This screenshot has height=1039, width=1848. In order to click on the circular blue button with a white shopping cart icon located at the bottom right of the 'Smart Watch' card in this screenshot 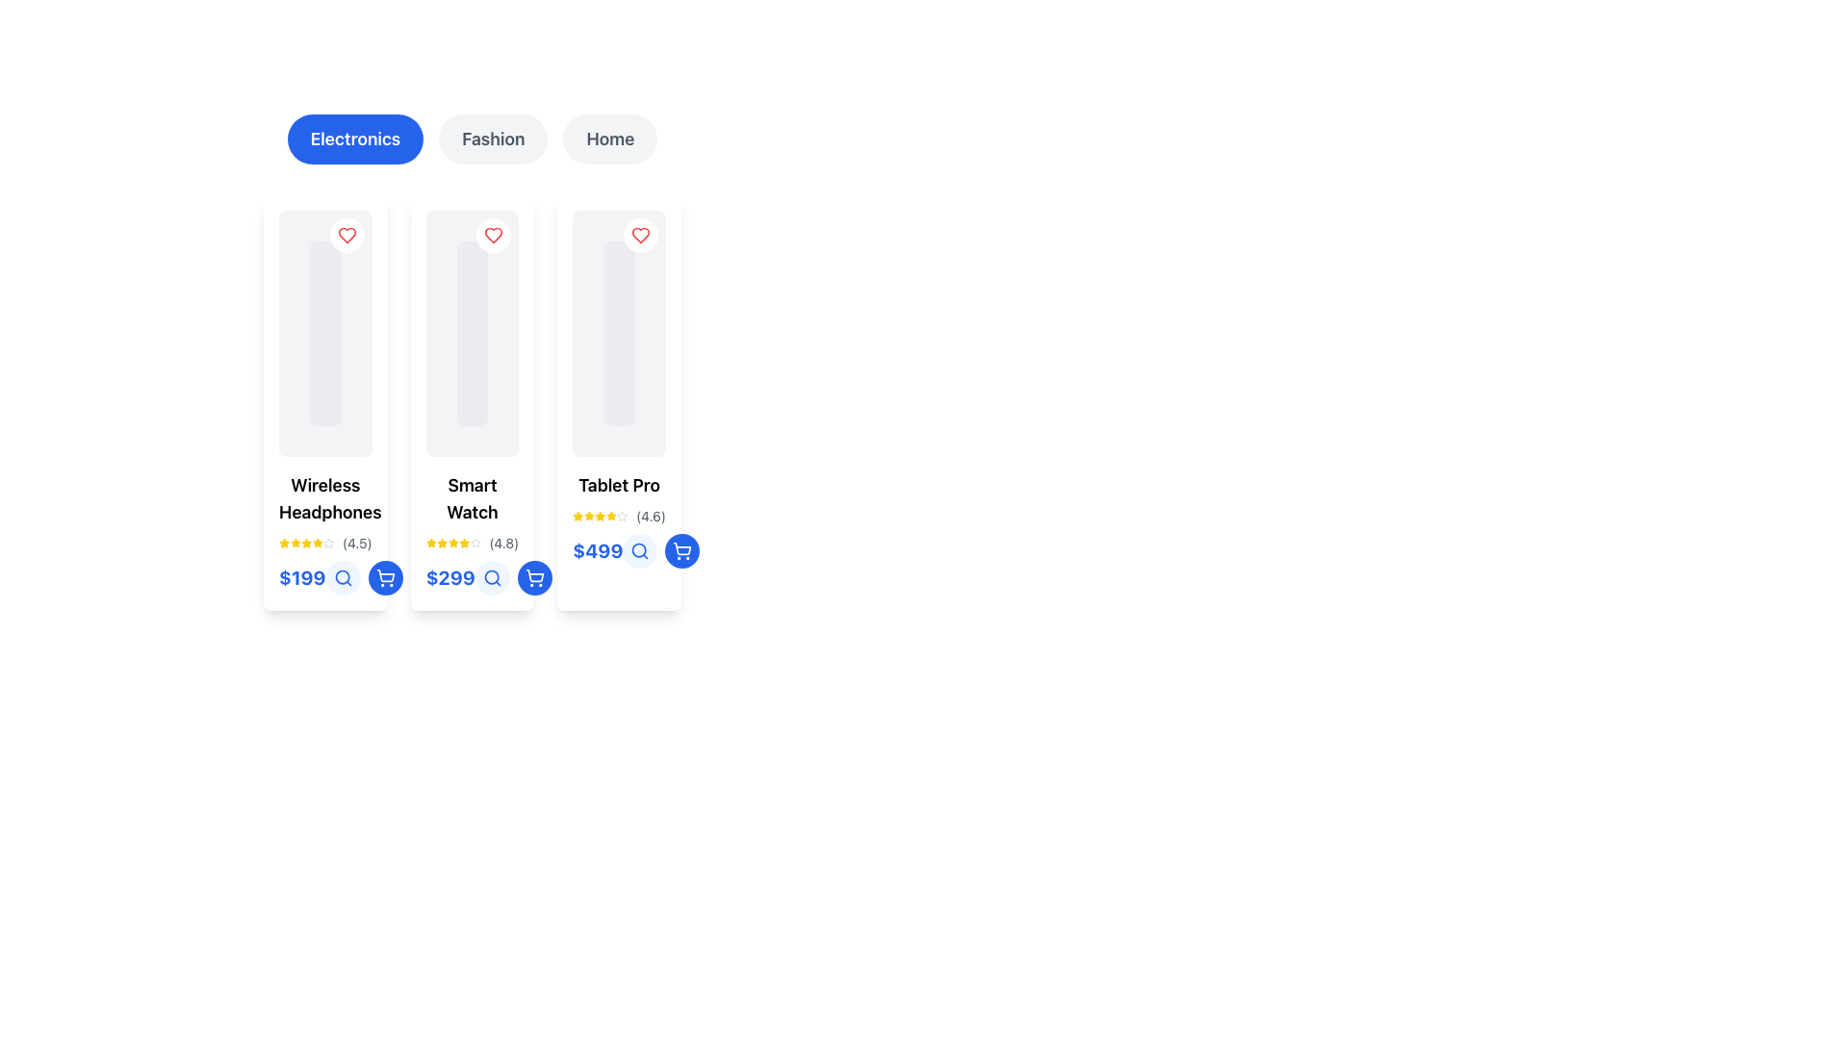, I will do `click(385, 577)`.